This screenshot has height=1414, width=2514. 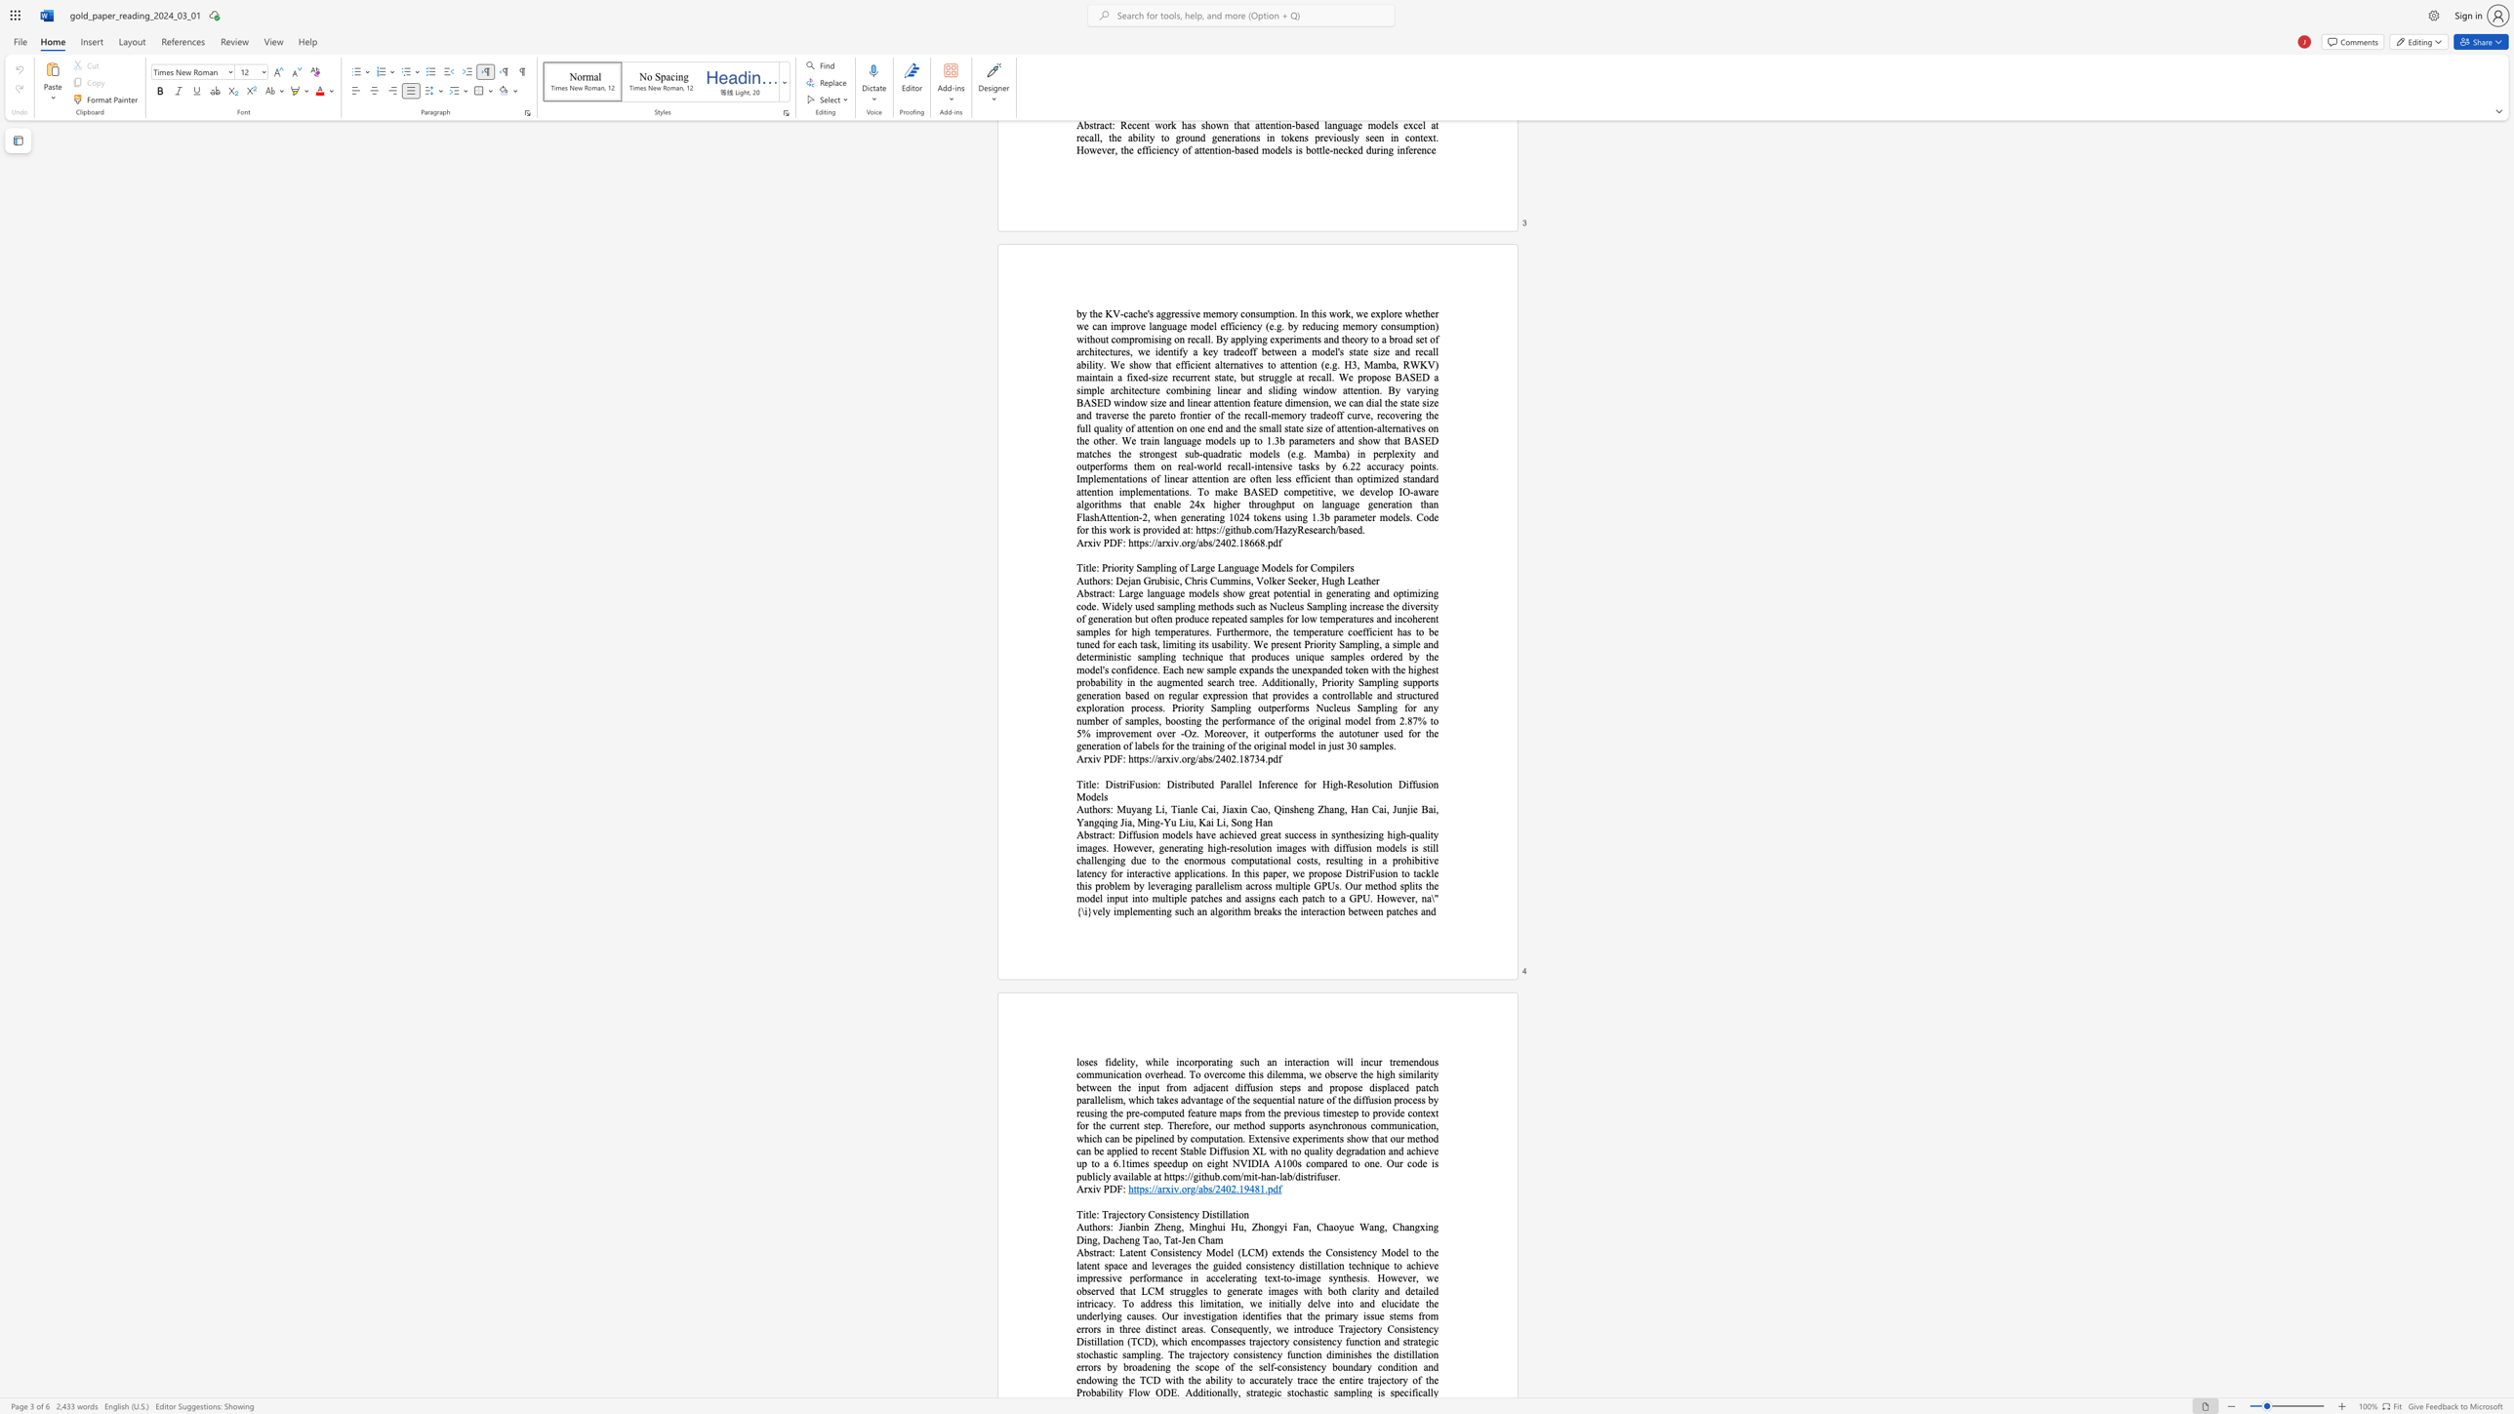 I want to click on the subset text "//arxiv.org/ab" within the text "https://arxiv.org/abs/2402.18734", so click(x=1151, y=757).